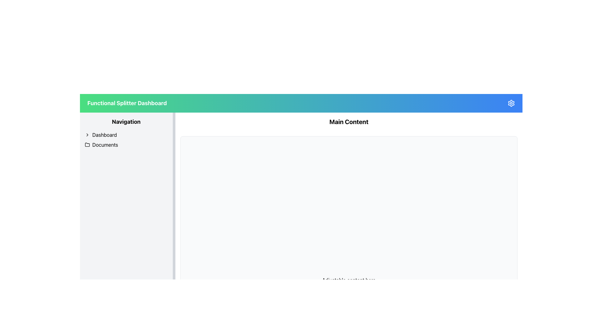 The image size is (595, 335). I want to click on the 'Documents' icon located in the left-side navigation pane, positioned next to the text label 'Documents' under the 'Navigation' heading, for visual guidance, so click(87, 145).